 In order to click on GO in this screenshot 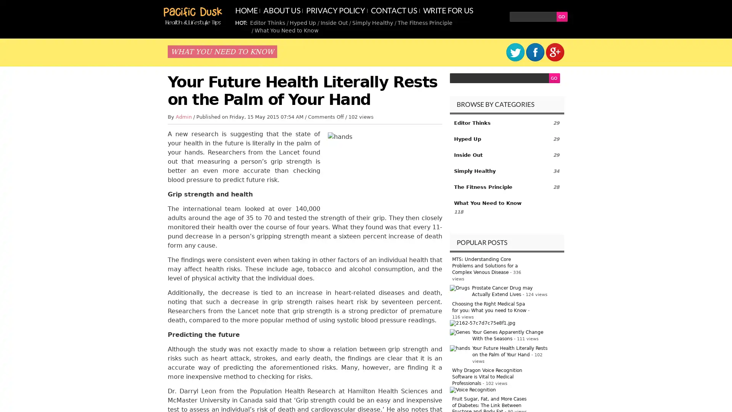, I will do `click(562, 16)`.